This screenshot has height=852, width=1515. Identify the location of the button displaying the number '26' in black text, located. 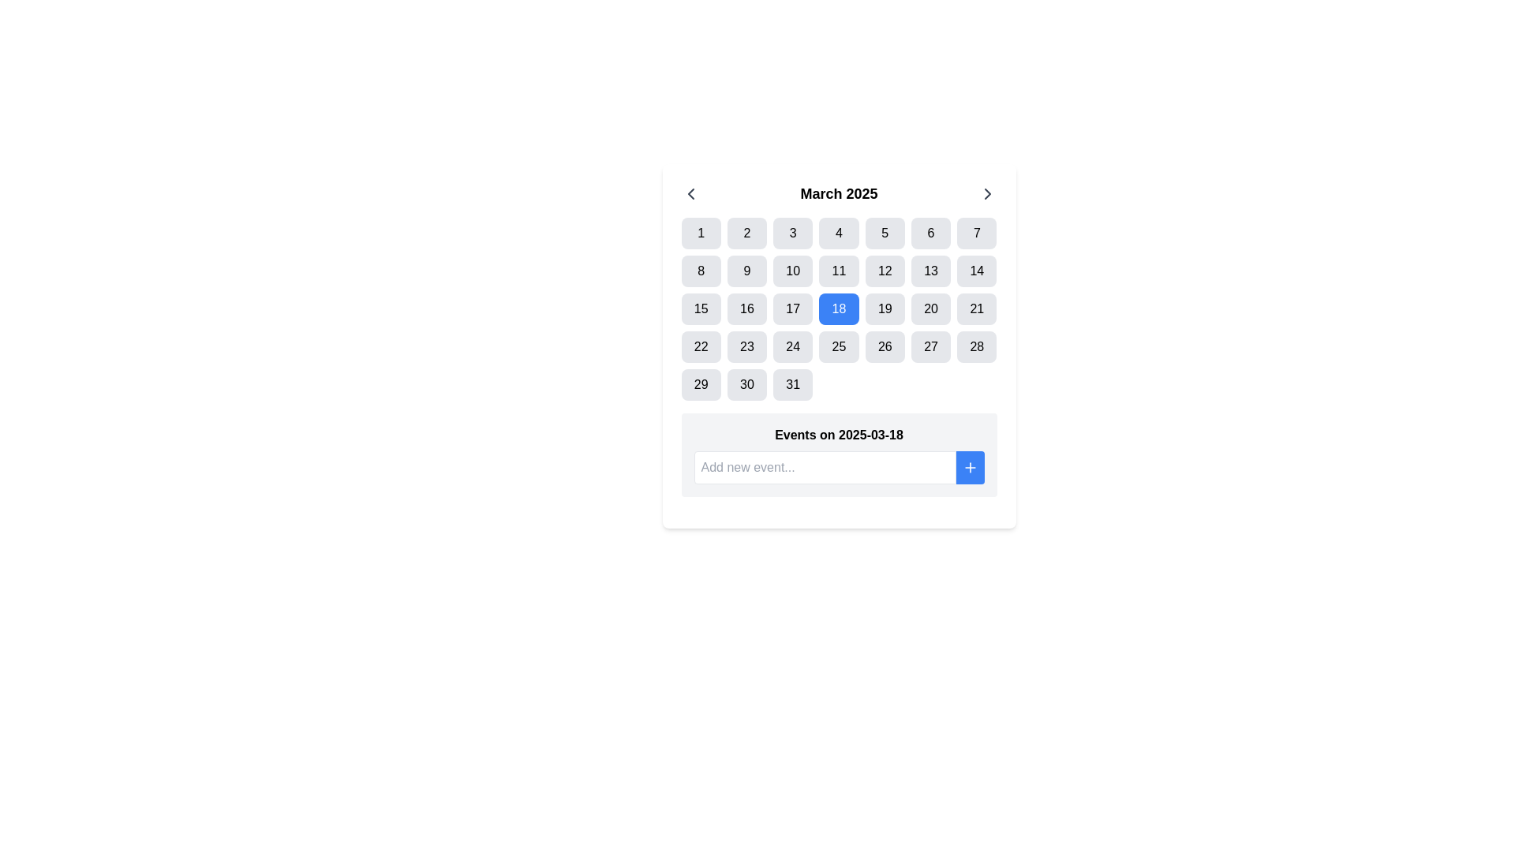
(885, 346).